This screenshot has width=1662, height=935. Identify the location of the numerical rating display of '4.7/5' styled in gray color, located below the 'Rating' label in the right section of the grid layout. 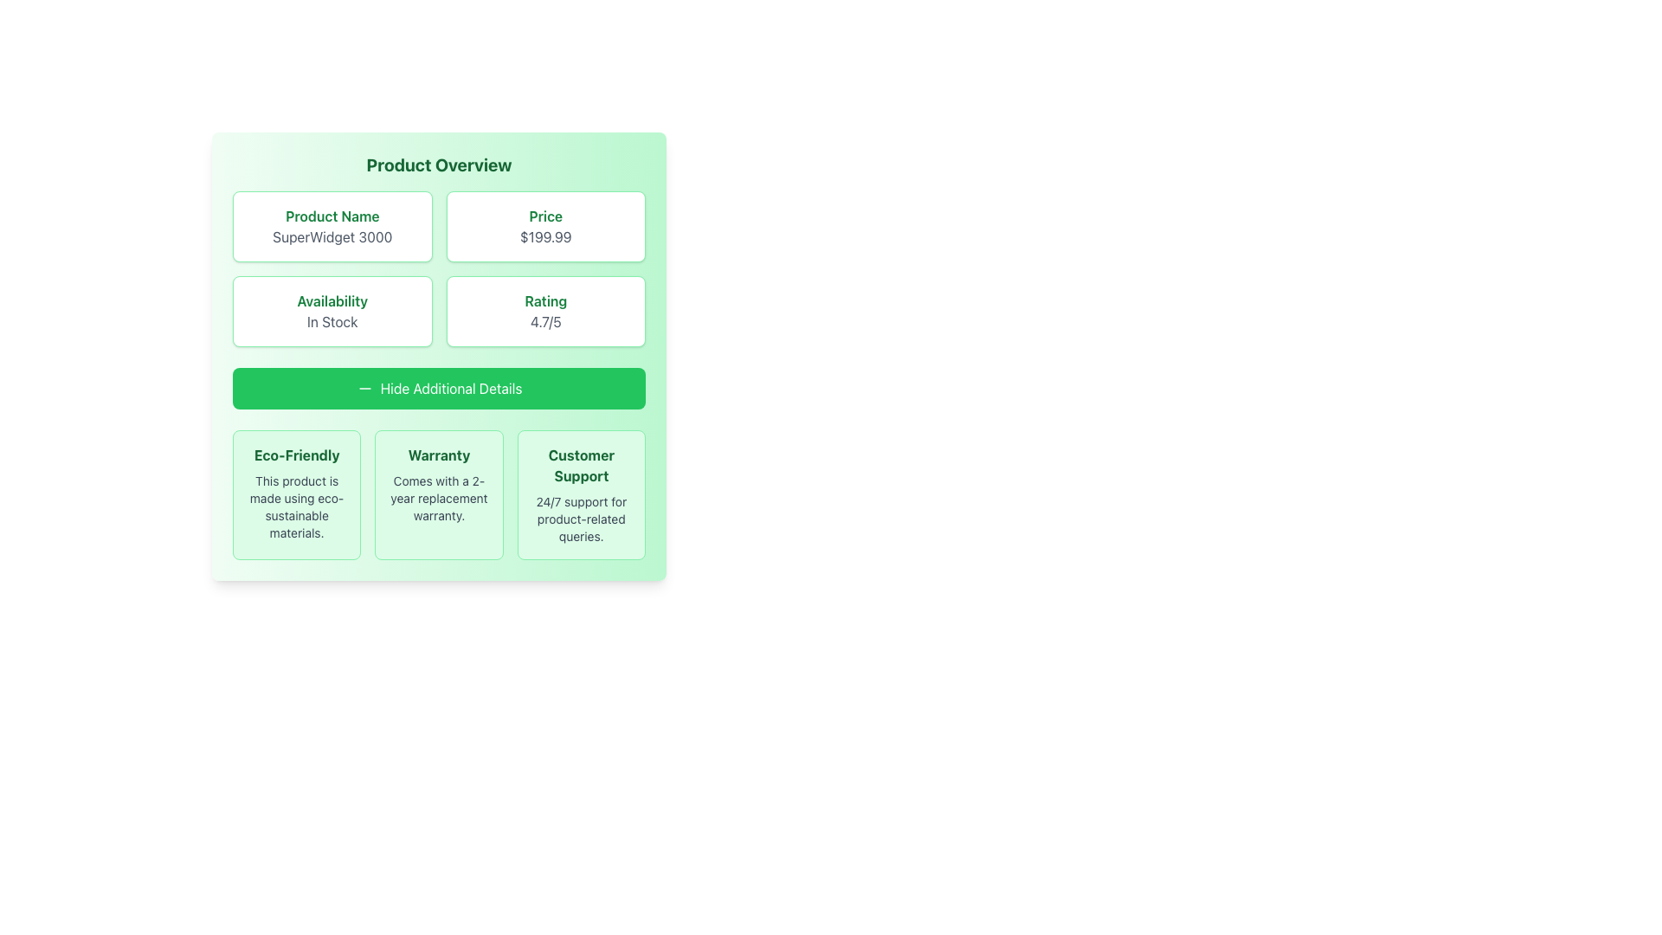
(544, 321).